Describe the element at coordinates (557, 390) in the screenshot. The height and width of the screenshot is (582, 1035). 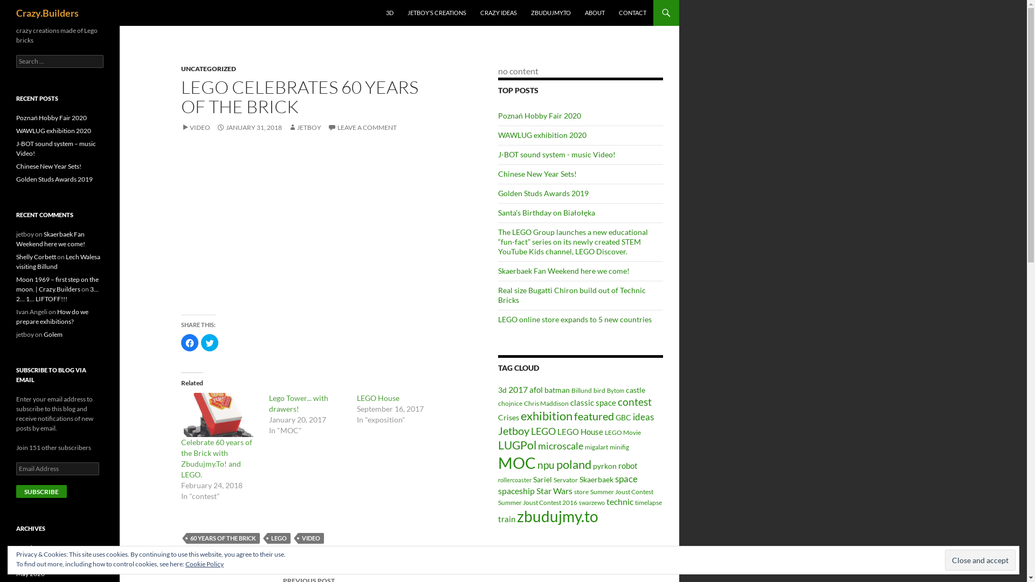
I see `'batman'` at that location.